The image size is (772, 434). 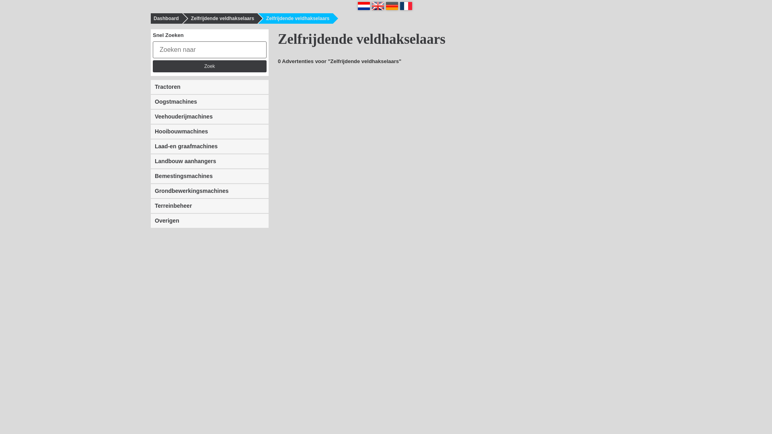 I want to click on 'Bemestingsmachines', so click(x=209, y=175).